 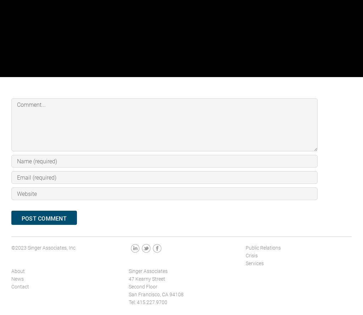 I want to click on 'Singer Associates', so click(x=147, y=271).